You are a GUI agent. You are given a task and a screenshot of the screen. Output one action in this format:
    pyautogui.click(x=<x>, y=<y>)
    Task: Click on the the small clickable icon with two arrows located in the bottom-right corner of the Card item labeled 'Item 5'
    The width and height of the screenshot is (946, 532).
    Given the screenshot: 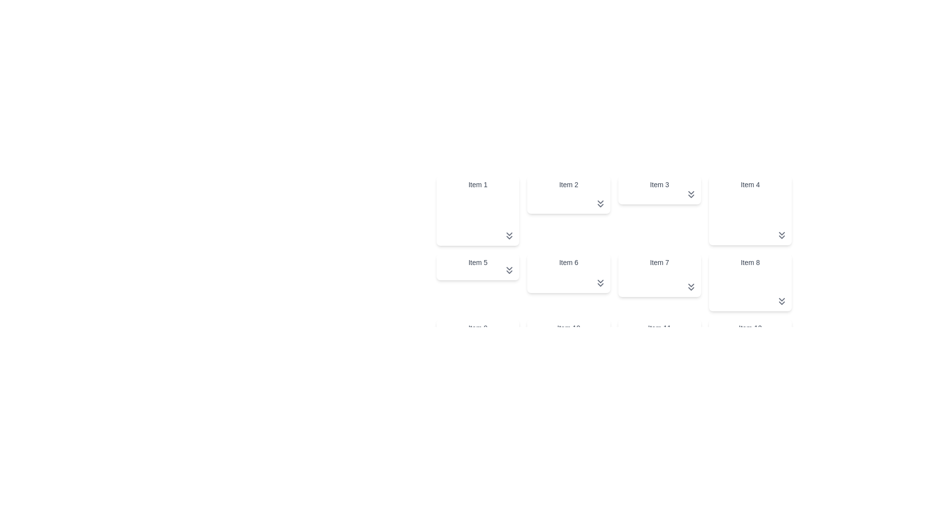 What is the action you would take?
    pyautogui.click(x=478, y=266)
    